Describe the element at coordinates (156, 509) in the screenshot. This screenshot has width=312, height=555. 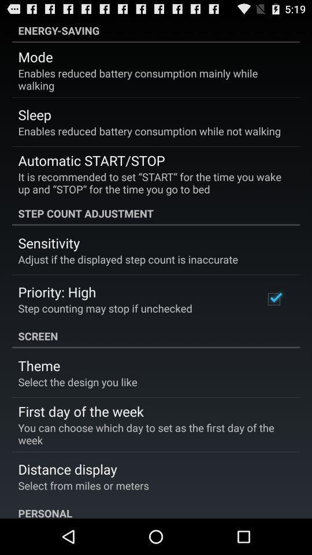
I see `icon below select from miles item` at that location.